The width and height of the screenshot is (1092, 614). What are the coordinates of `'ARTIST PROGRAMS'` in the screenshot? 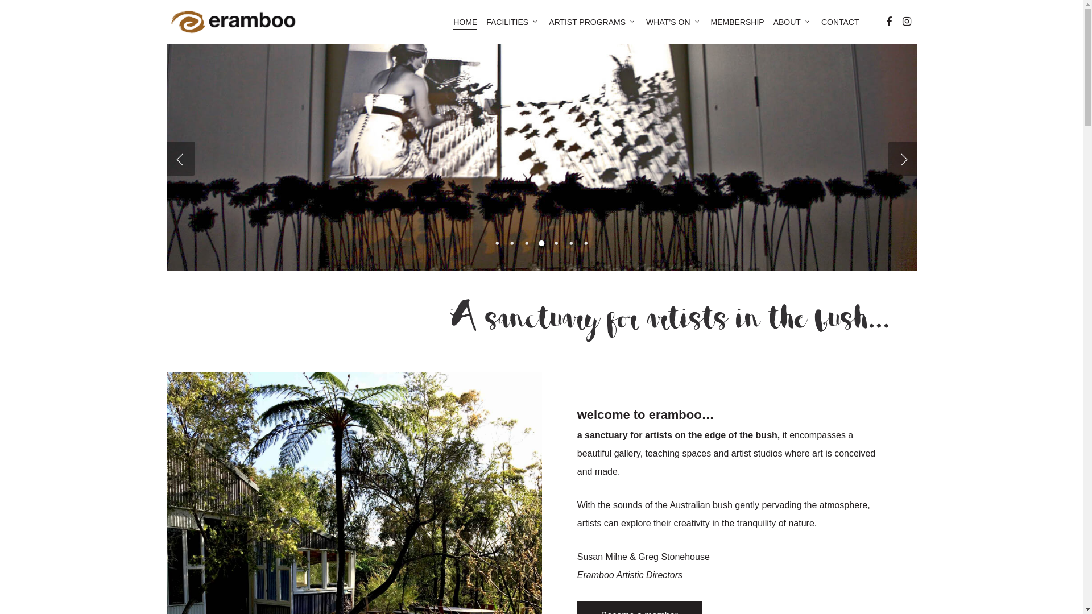 It's located at (592, 22).